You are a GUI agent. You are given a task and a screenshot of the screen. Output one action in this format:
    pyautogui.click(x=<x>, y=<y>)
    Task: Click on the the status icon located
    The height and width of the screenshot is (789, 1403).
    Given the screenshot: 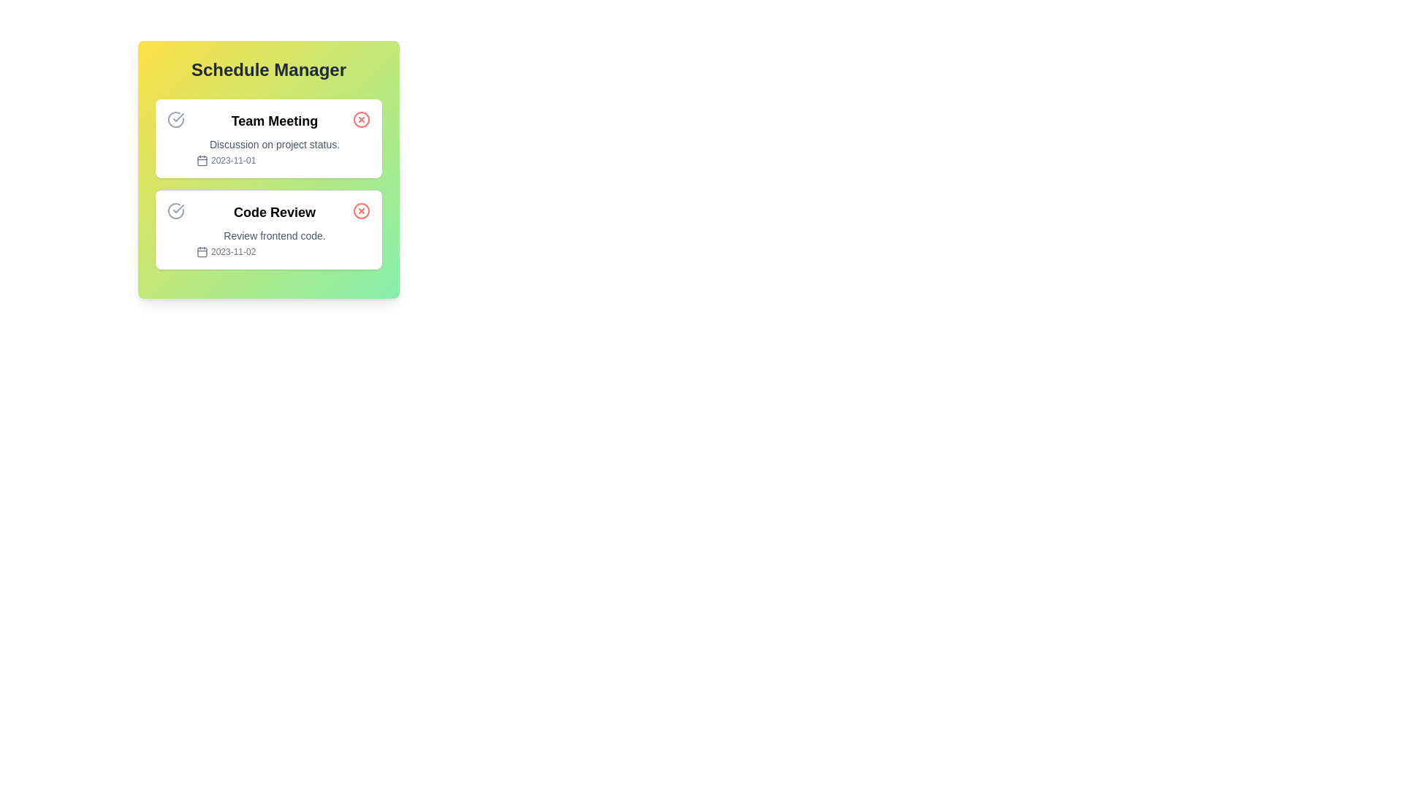 What is the action you would take?
    pyautogui.click(x=175, y=211)
    